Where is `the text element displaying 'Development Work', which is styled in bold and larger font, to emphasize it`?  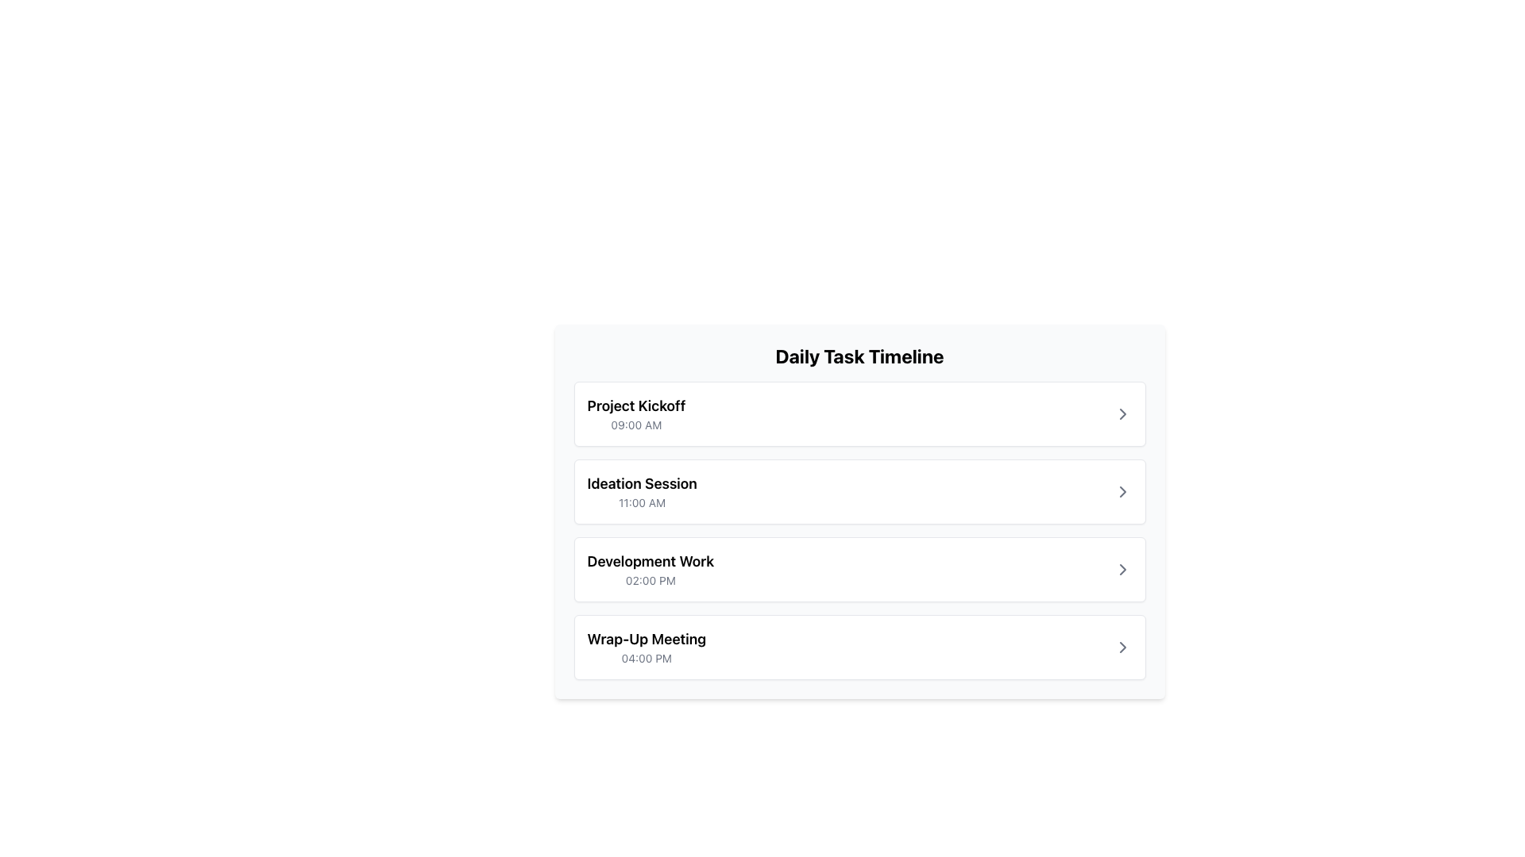
the text element displaying 'Development Work', which is styled in bold and larger font, to emphasize it is located at coordinates (651, 561).